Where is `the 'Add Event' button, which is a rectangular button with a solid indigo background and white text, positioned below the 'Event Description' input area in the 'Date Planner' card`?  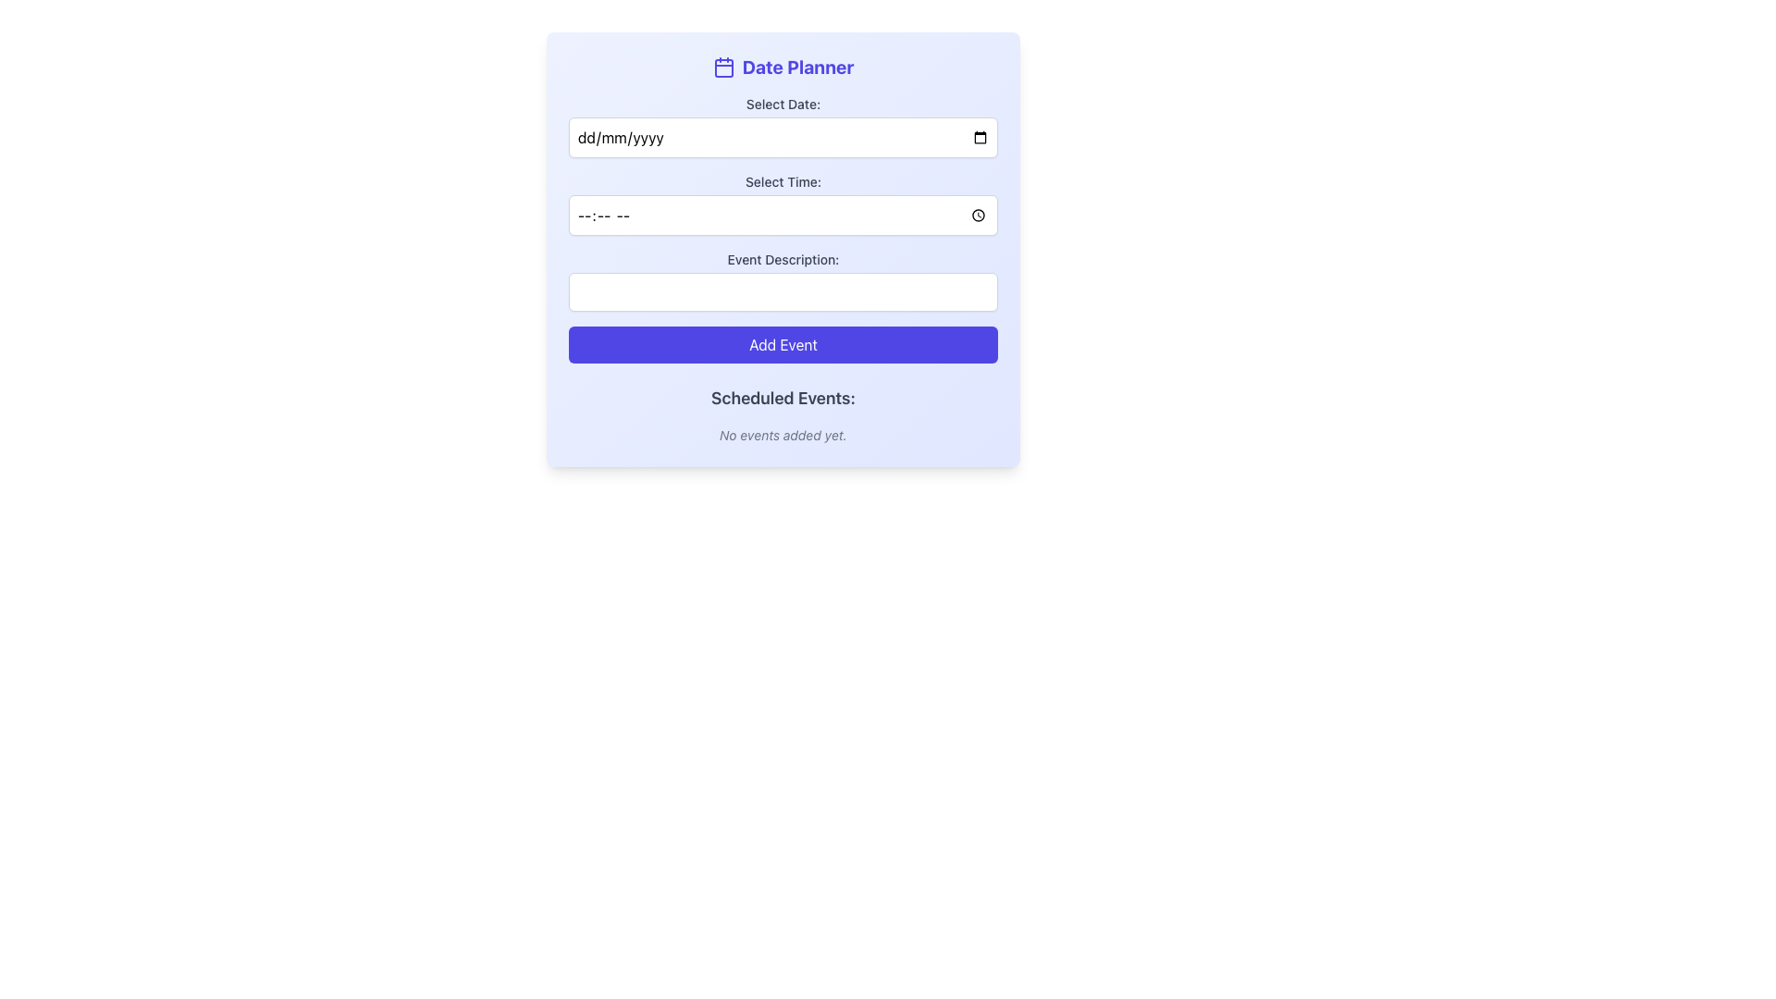
the 'Add Event' button, which is a rectangular button with a solid indigo background and white text, positioned below the 'Event Description' input area in the 'Date Planner' card is located at coordinates (783, 345).